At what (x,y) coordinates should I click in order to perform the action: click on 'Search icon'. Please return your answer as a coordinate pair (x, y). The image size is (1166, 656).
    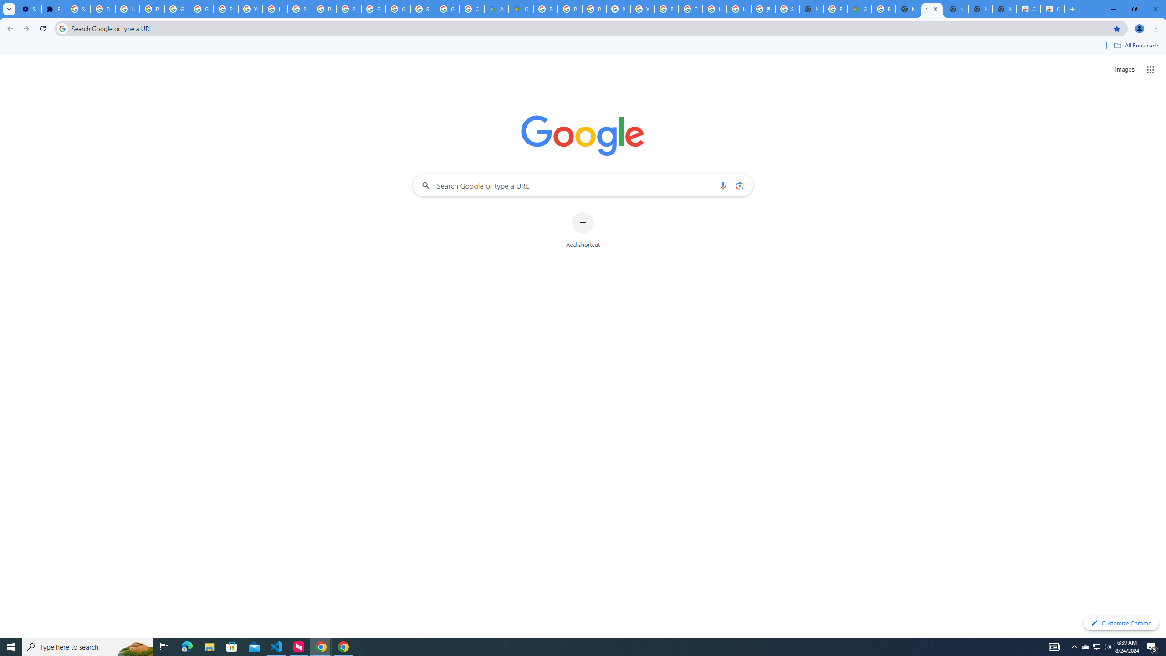
    Looking at the image, I should click on (61, 28).